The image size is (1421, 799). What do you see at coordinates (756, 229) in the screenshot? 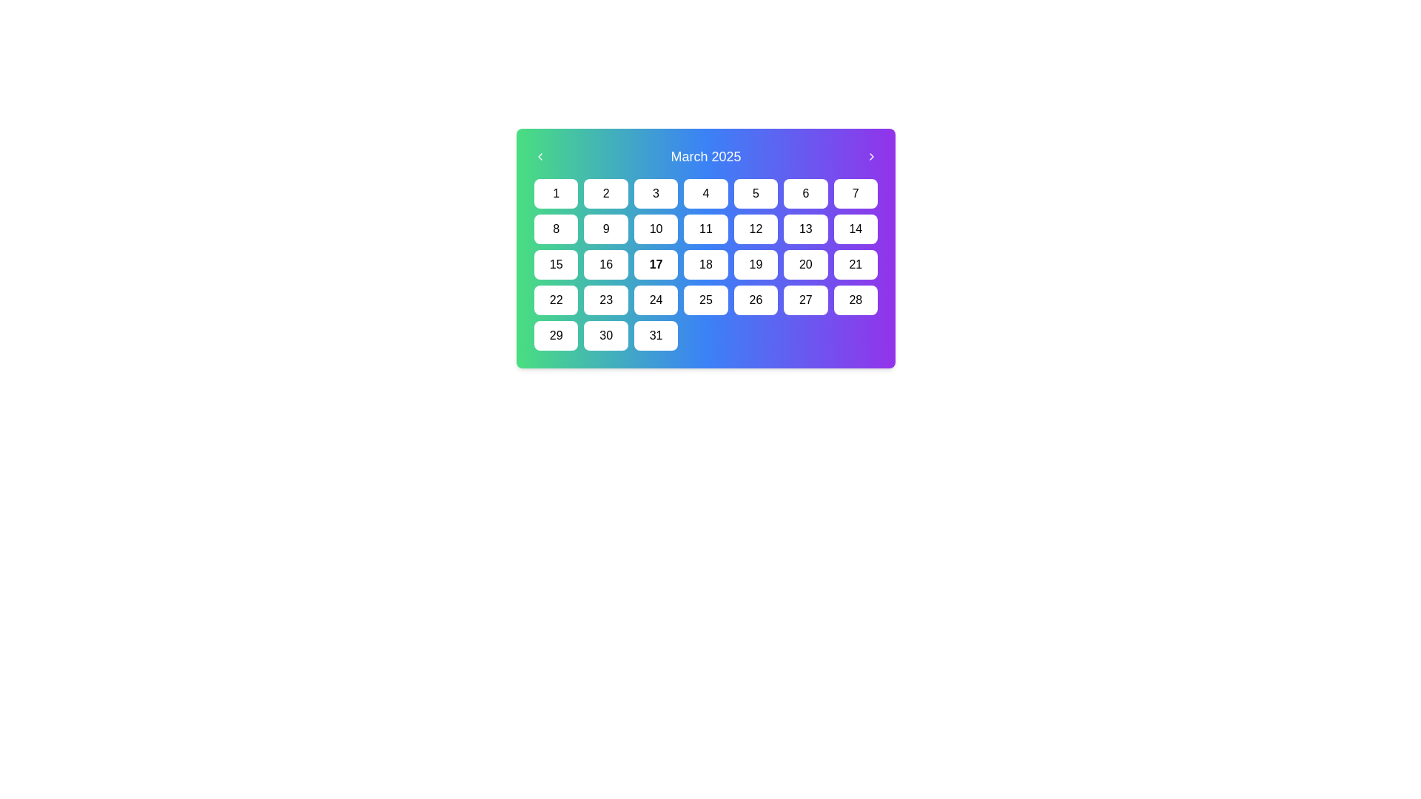
I see `the rectangular button displaying the number '12', which has a white background and rounded corners, located in the second row and fifth column of a grid layout` at bounding box center [756, 229].